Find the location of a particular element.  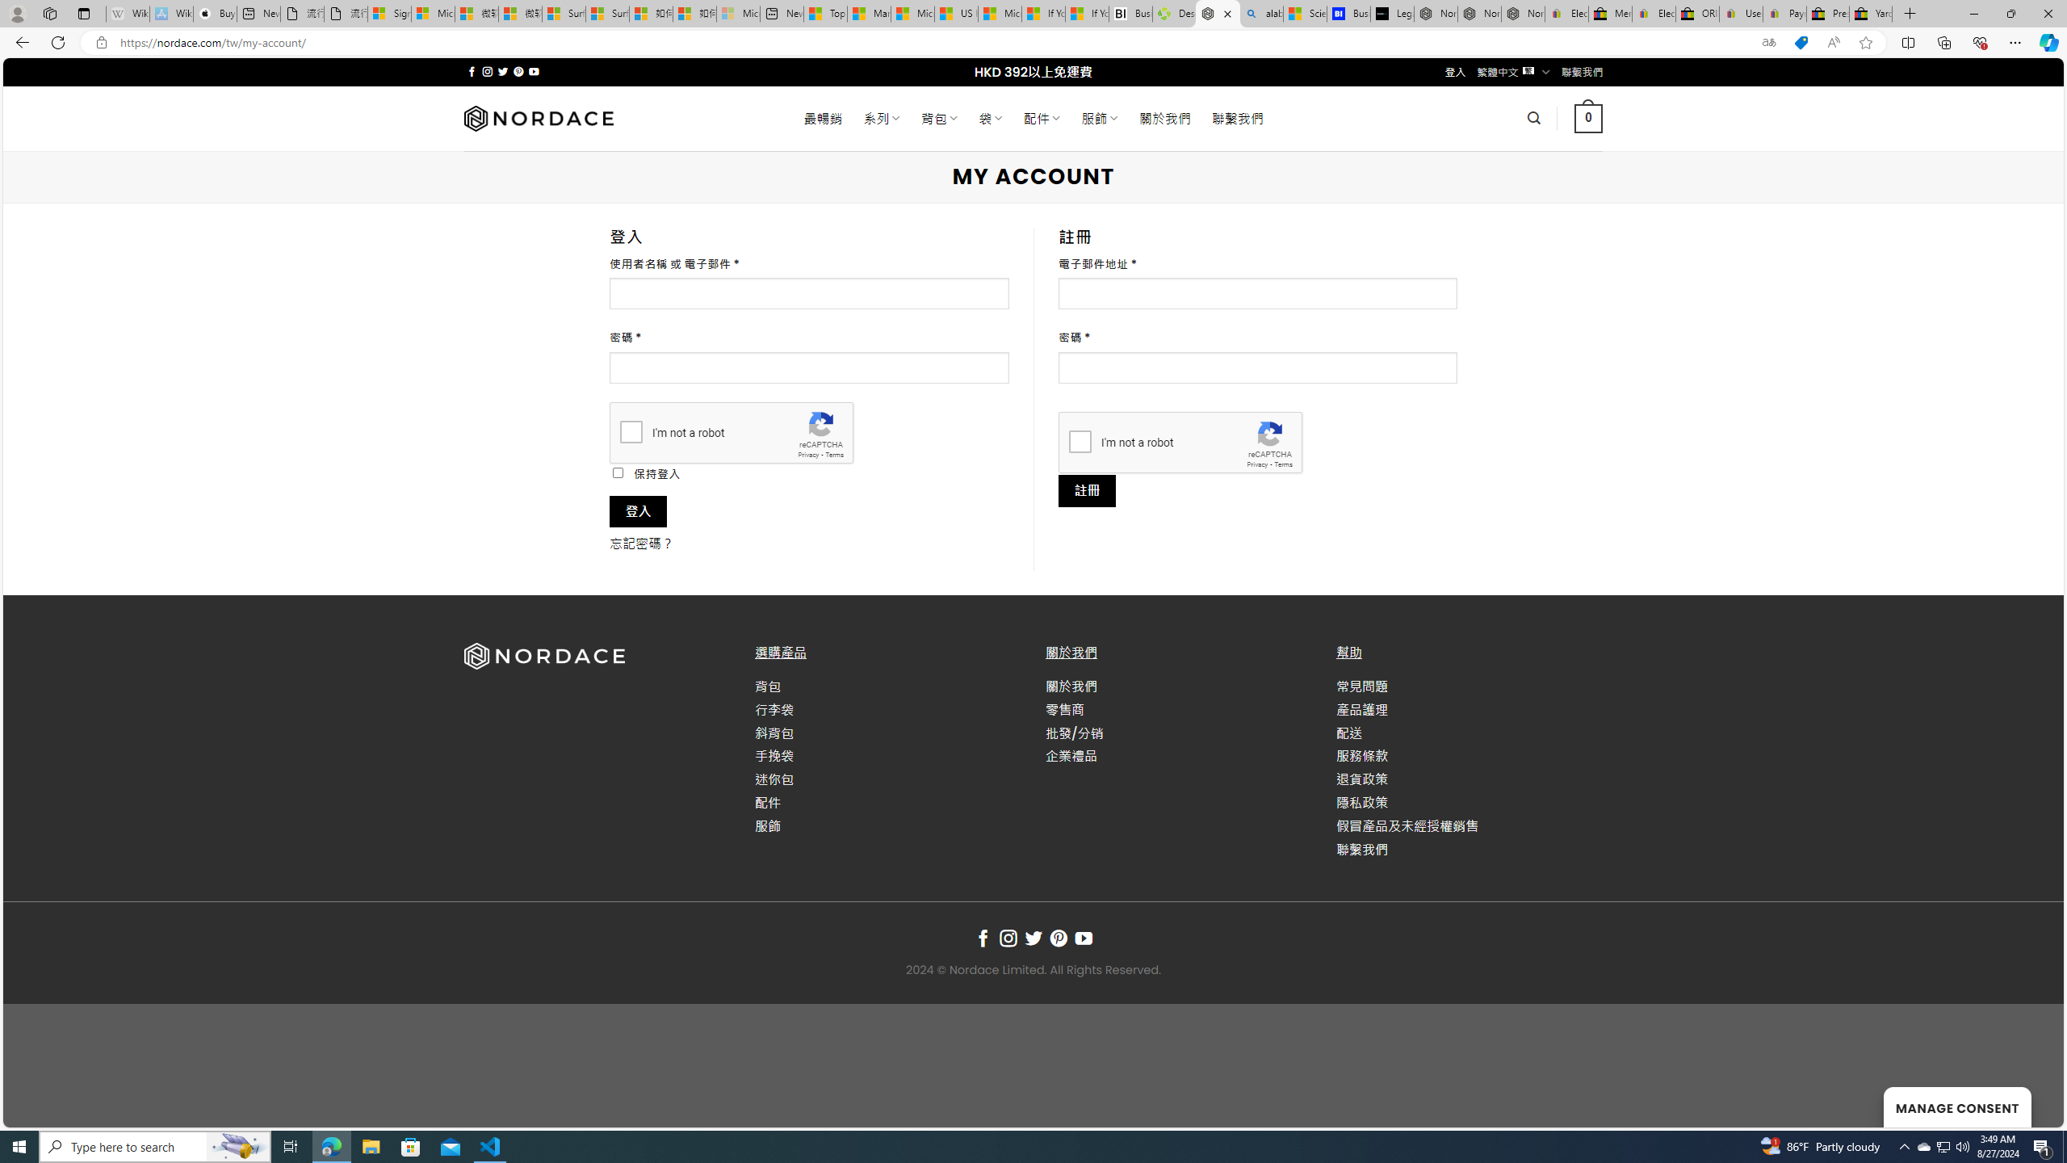

'This site has coupons! Shopping in Microsoft Edge' is located at coordinates (1801, 43).